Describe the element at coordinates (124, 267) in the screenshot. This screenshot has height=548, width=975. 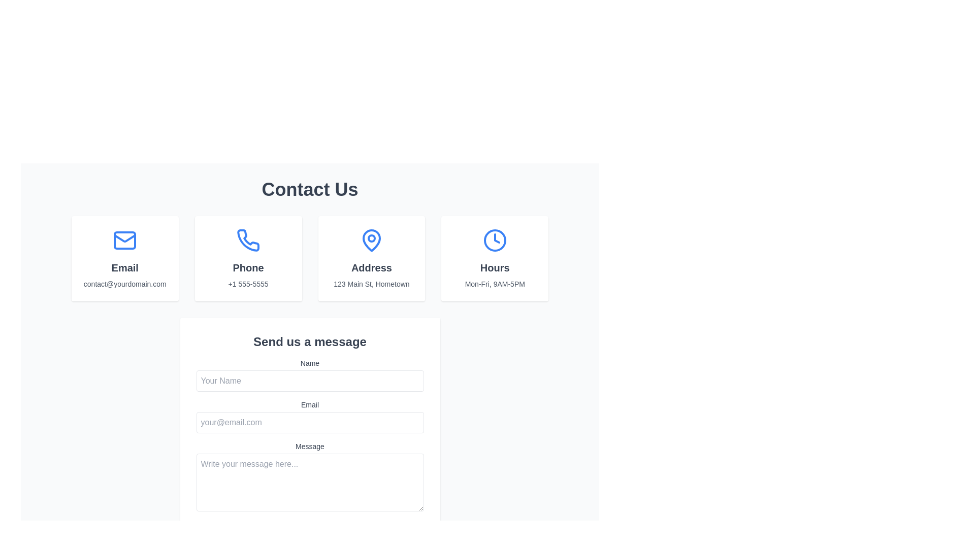
I see `the 'Email' label, which is a bold, large gray text element centrally aligned within a white card in the 'Contact Us' section` at that location.